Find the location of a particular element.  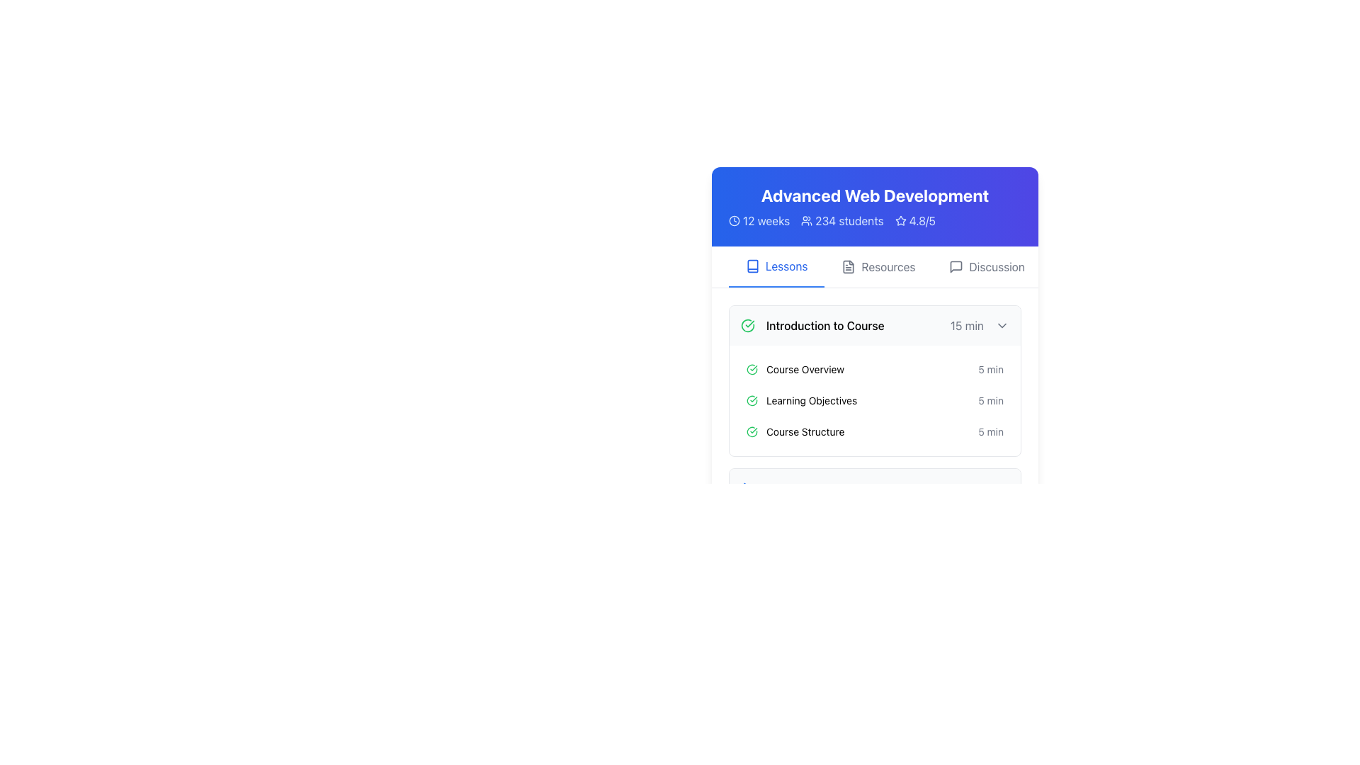

the informational display showing '12 weeks', '234 students', and '4.8/5', which is located beneath the title 'Advanced Web Development' is located at coordinates (874, 221).